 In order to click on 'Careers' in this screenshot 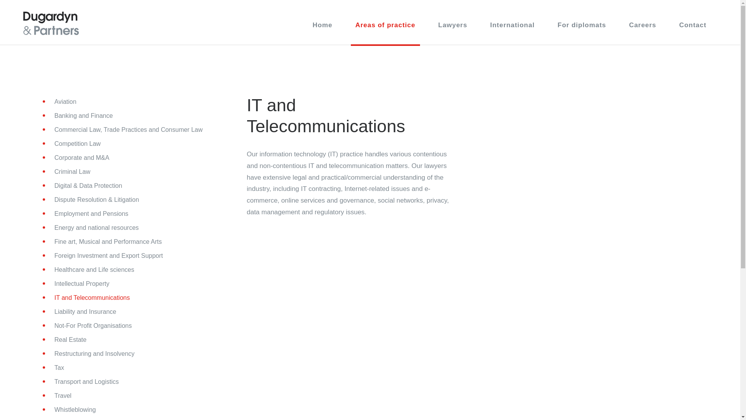, I will do `click(624, 28)`.